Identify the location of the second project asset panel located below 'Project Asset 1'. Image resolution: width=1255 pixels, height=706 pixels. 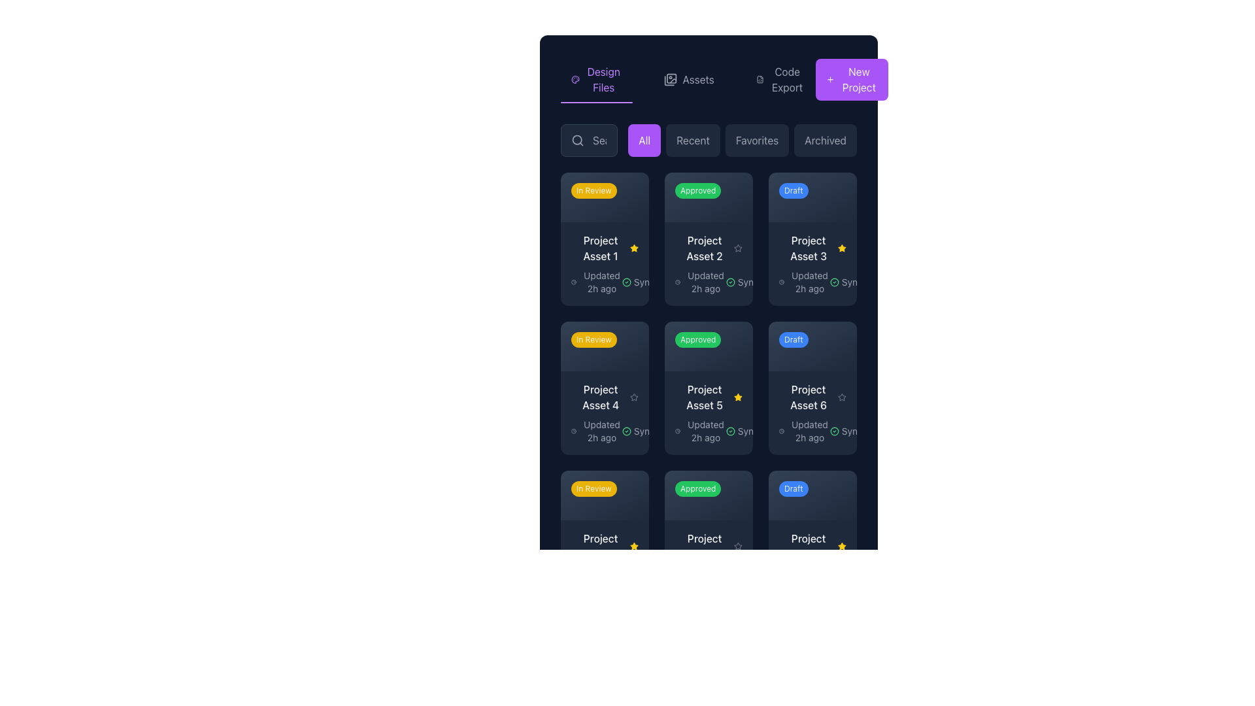
(604, 412).